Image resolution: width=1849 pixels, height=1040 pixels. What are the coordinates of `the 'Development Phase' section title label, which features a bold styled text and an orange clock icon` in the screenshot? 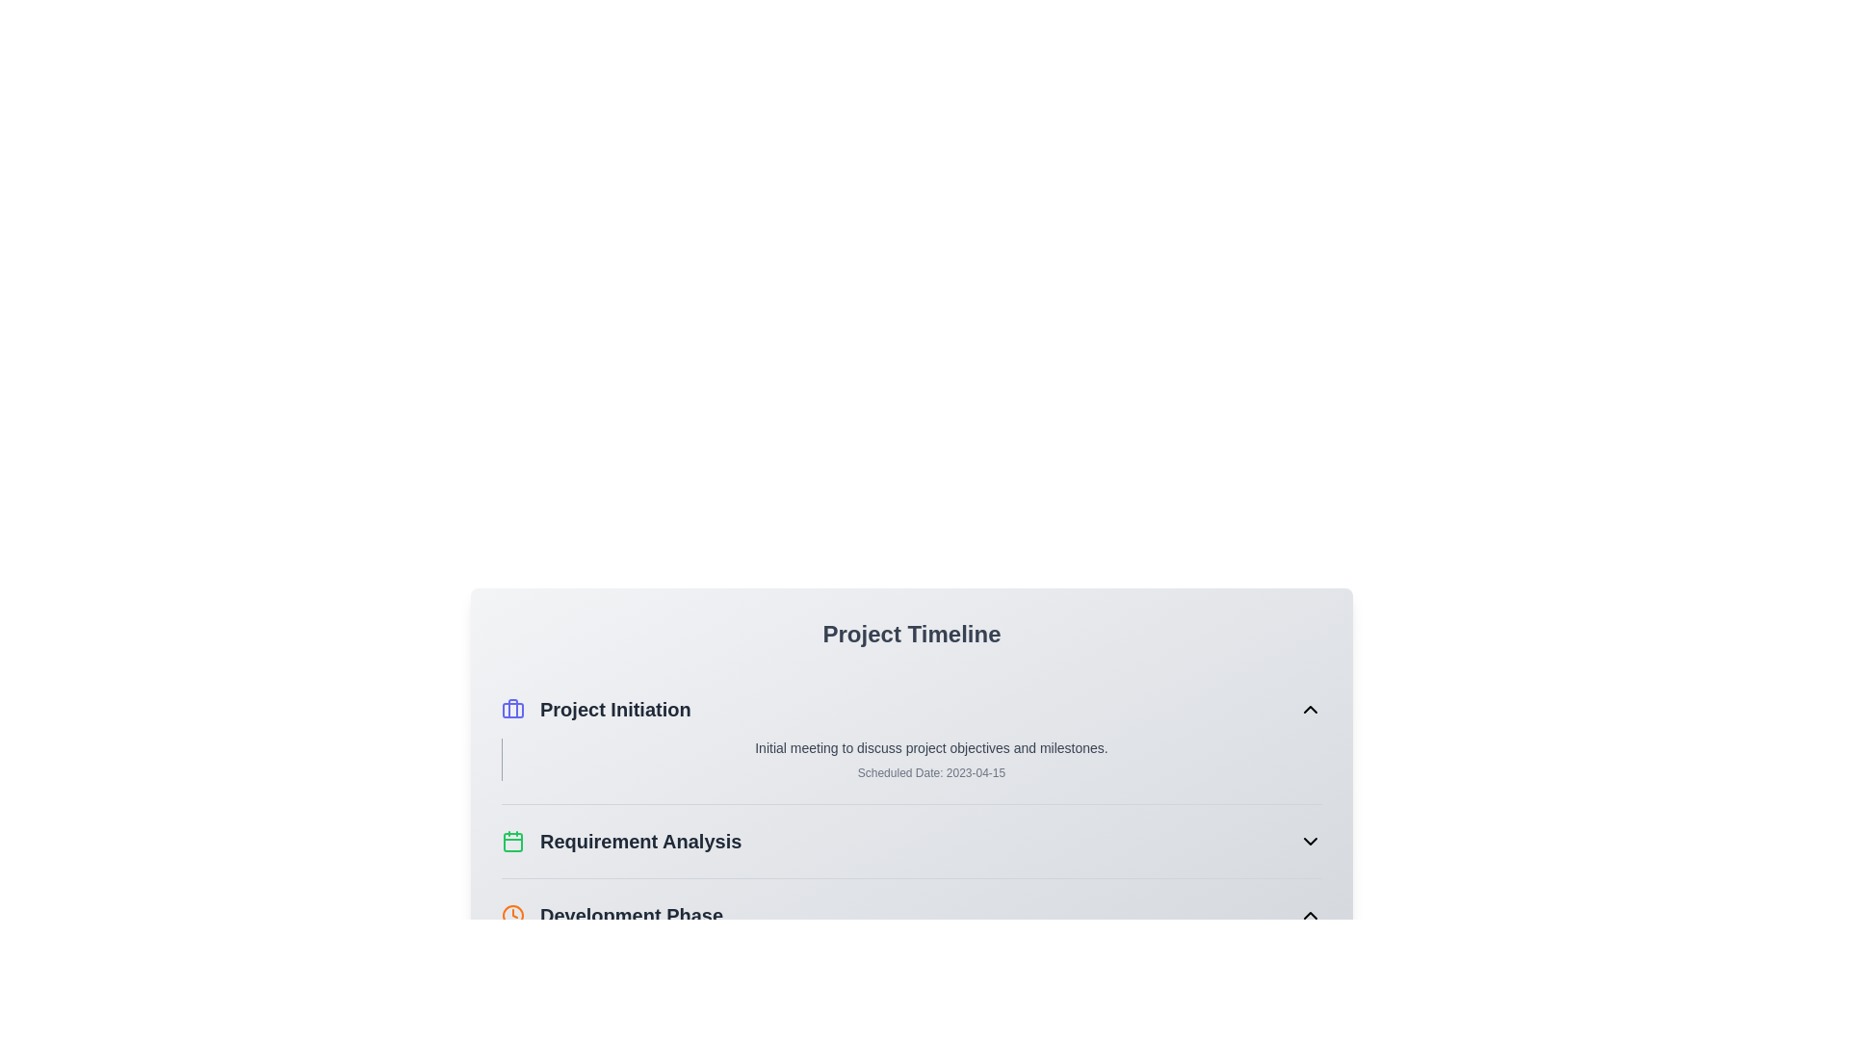 It's located at (612, 915).